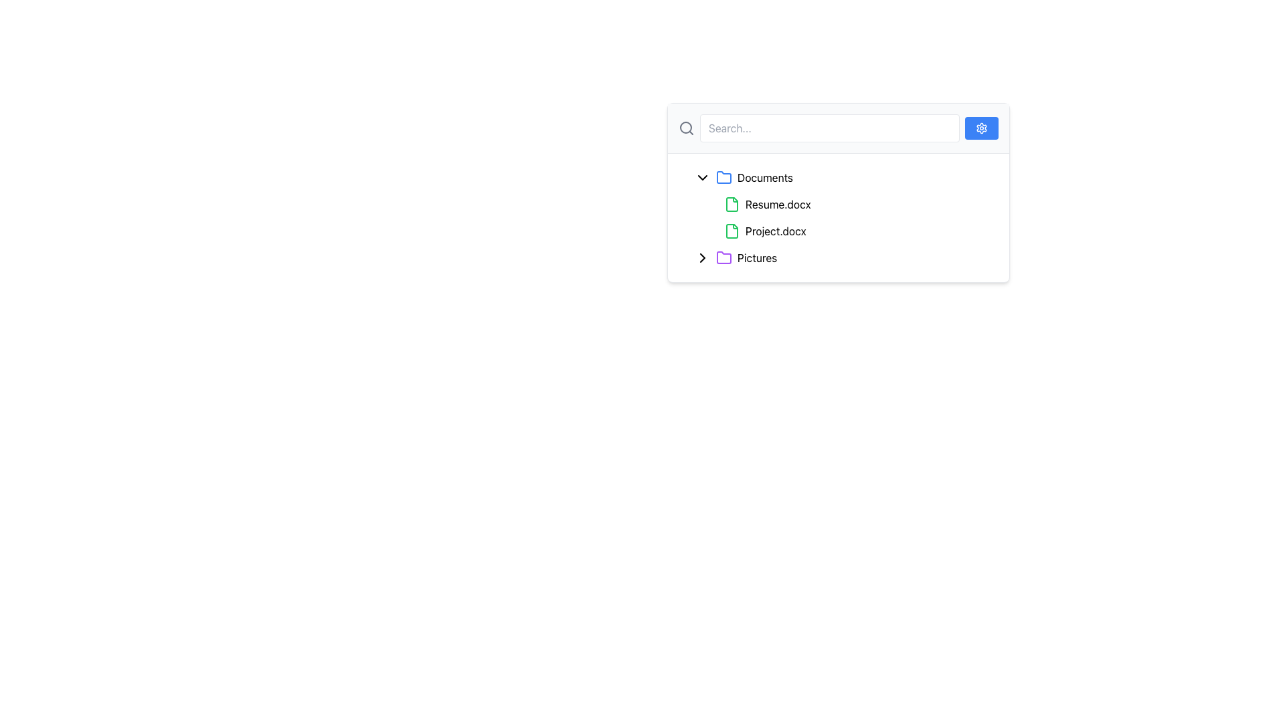 The height and width of the screenshot is (722, 1285). What do you see at coordinates (776, 231) in the screenshot?
I see `the document name label located directly to the right of the green file icon in the 'Documents' section` at bounding box center [776, 231].